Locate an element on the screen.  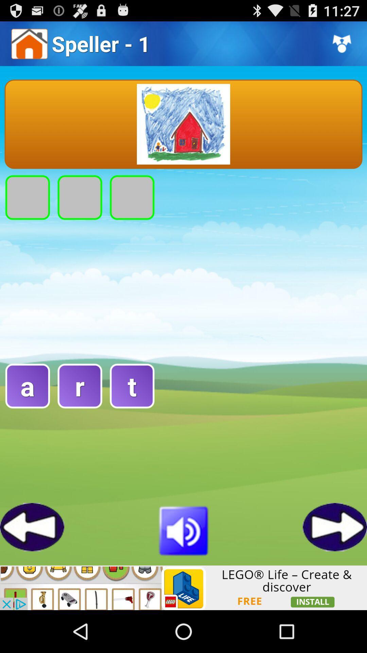
game go back button is located at coordinates (32, 526).